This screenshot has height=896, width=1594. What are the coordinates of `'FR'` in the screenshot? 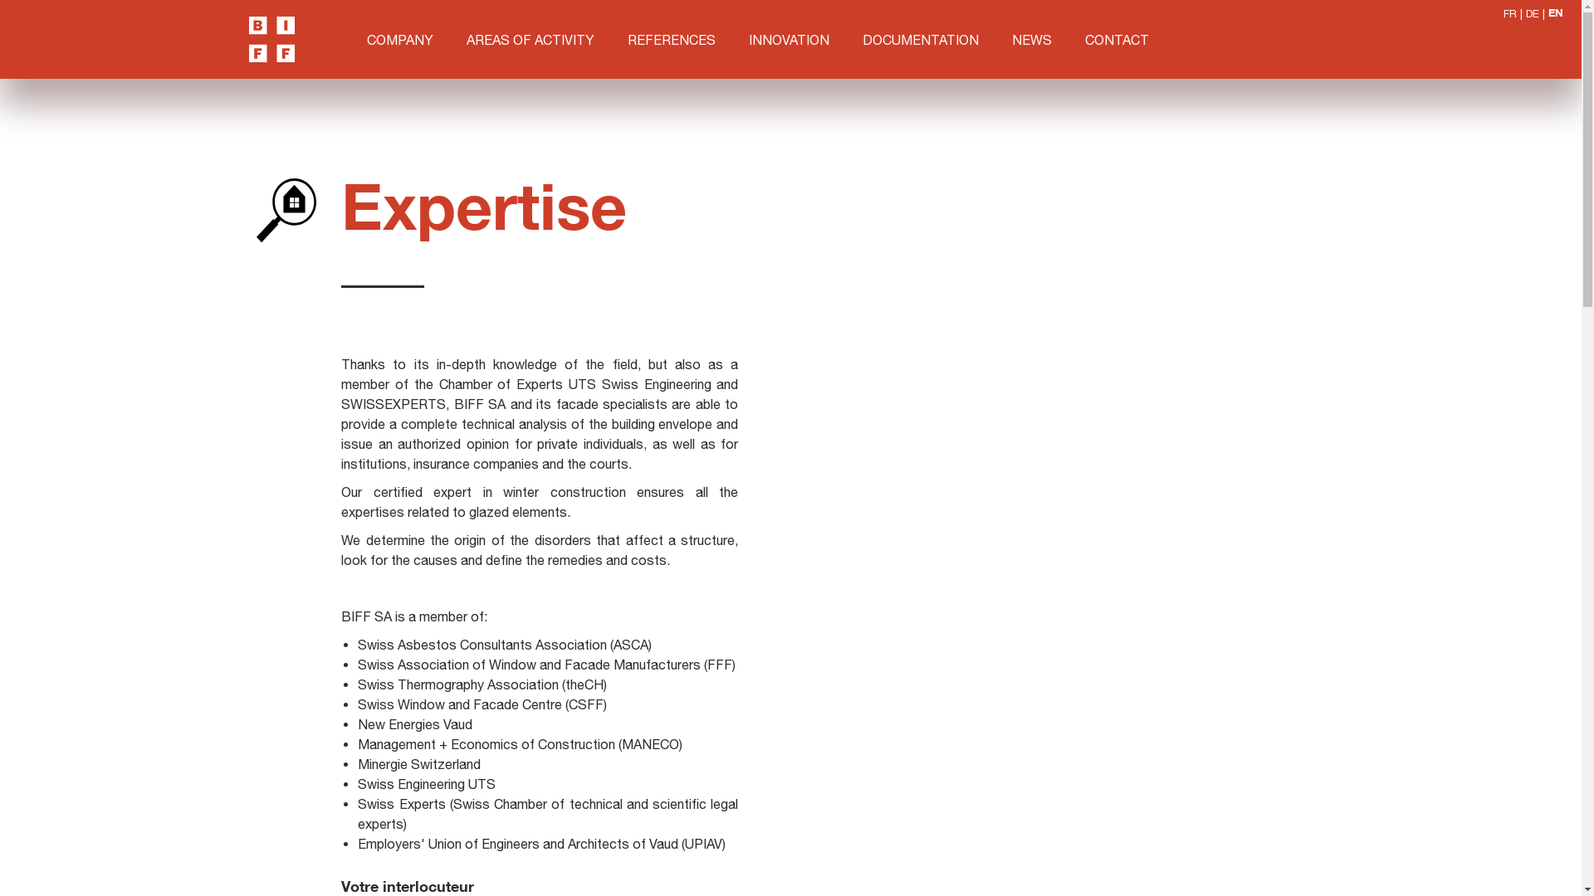 It's located at (1510, 13).